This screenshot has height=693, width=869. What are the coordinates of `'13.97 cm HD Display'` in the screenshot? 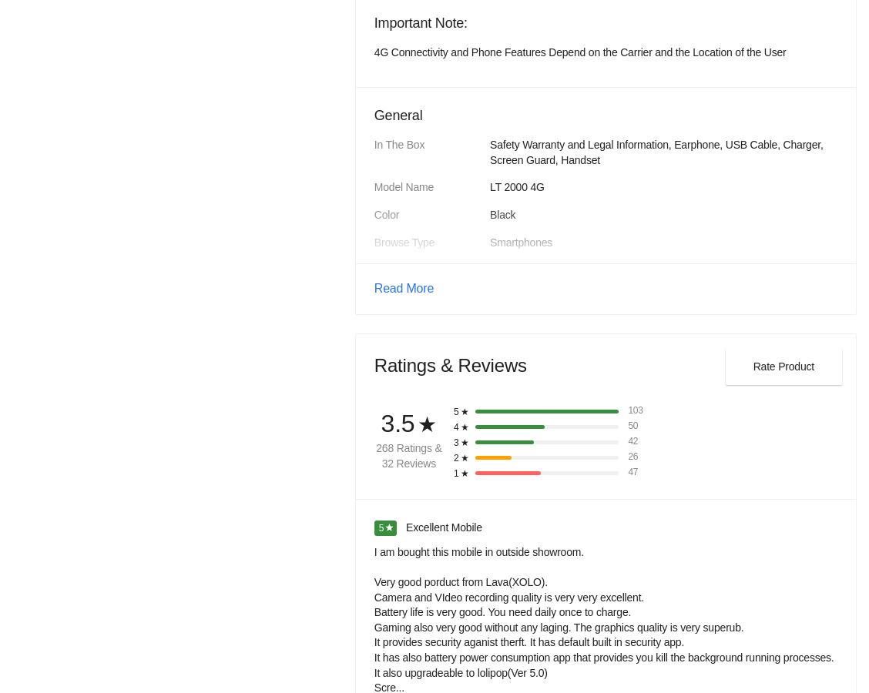 It's located at (488, 99).